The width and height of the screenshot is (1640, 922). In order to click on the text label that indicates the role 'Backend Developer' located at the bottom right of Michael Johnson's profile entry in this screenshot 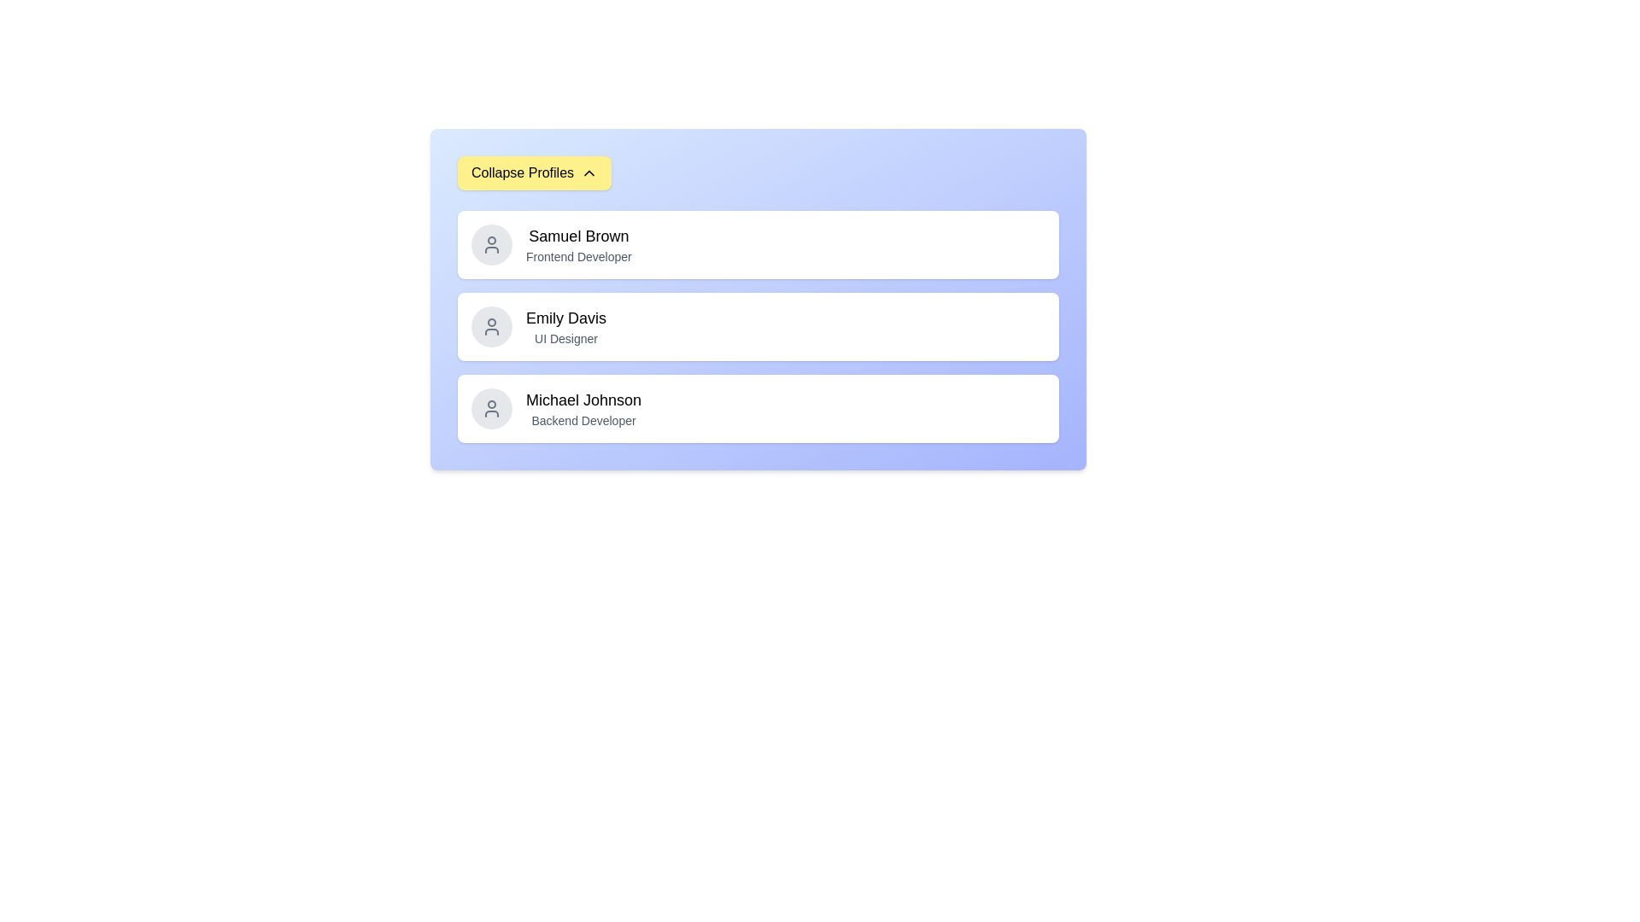, I will do `click(583, 421)`.